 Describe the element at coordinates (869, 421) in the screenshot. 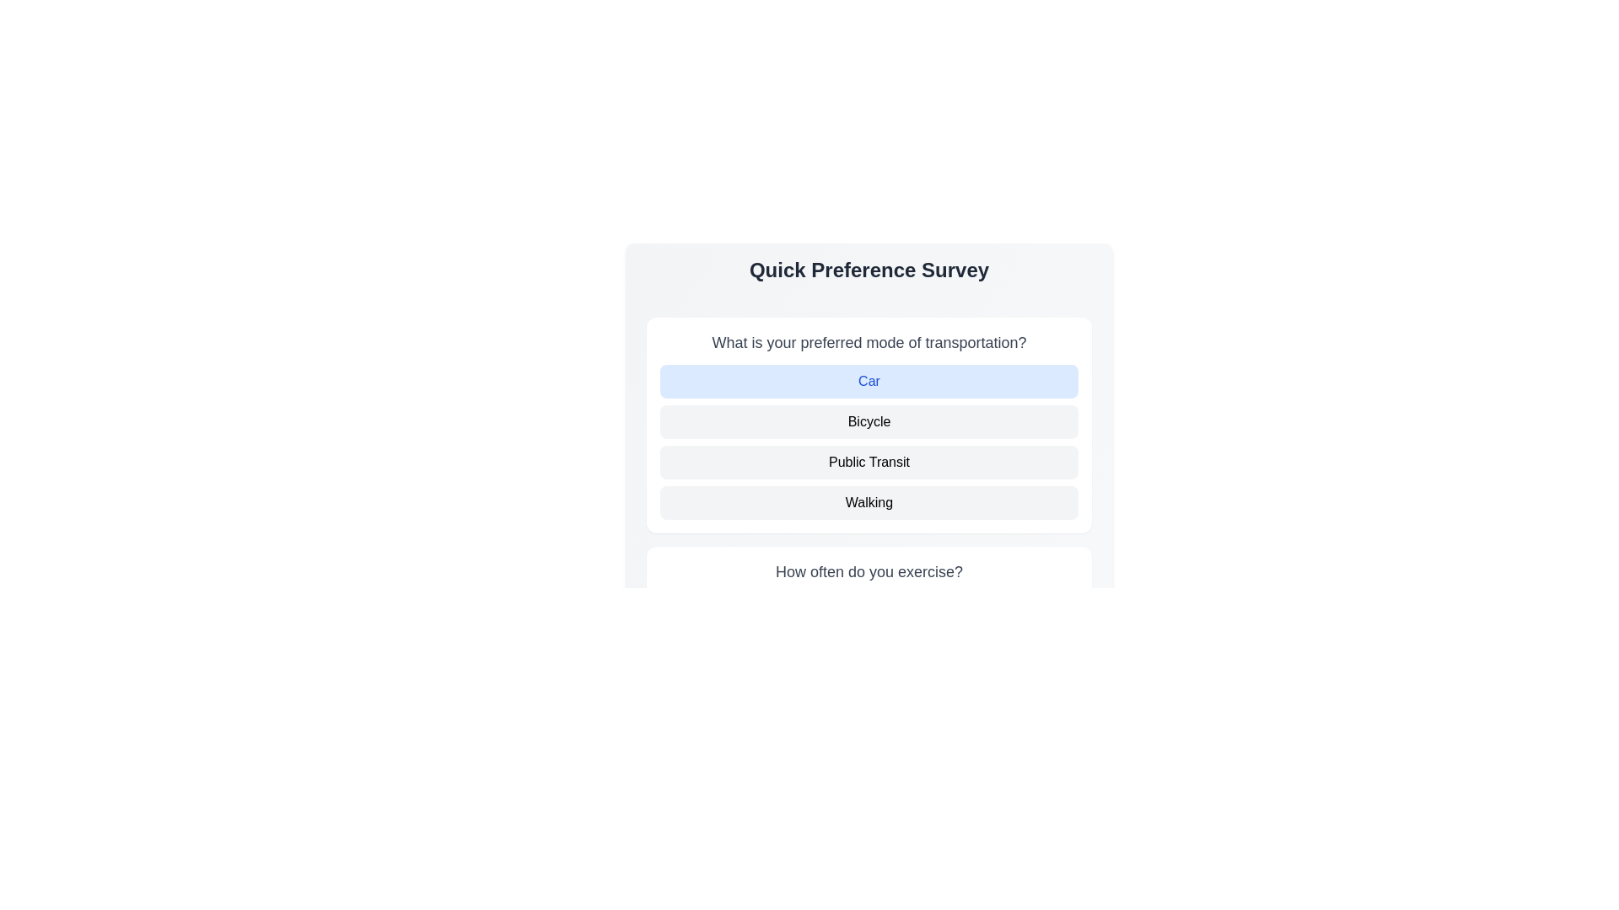

I see `the 'Bicycle' button, which is a horizontally elongated, light gray button with rounded corners, located centrally in a group of four buttons` at that location.